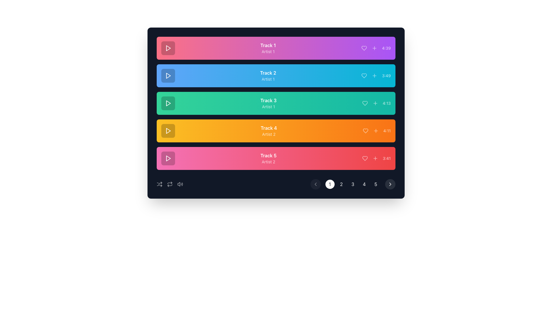  I want to click on the small triangular play button within the circular boundary located on the leftmost side of the blue segment associated with 'Track 2' to initiate playback of the track, so click(168, 75).